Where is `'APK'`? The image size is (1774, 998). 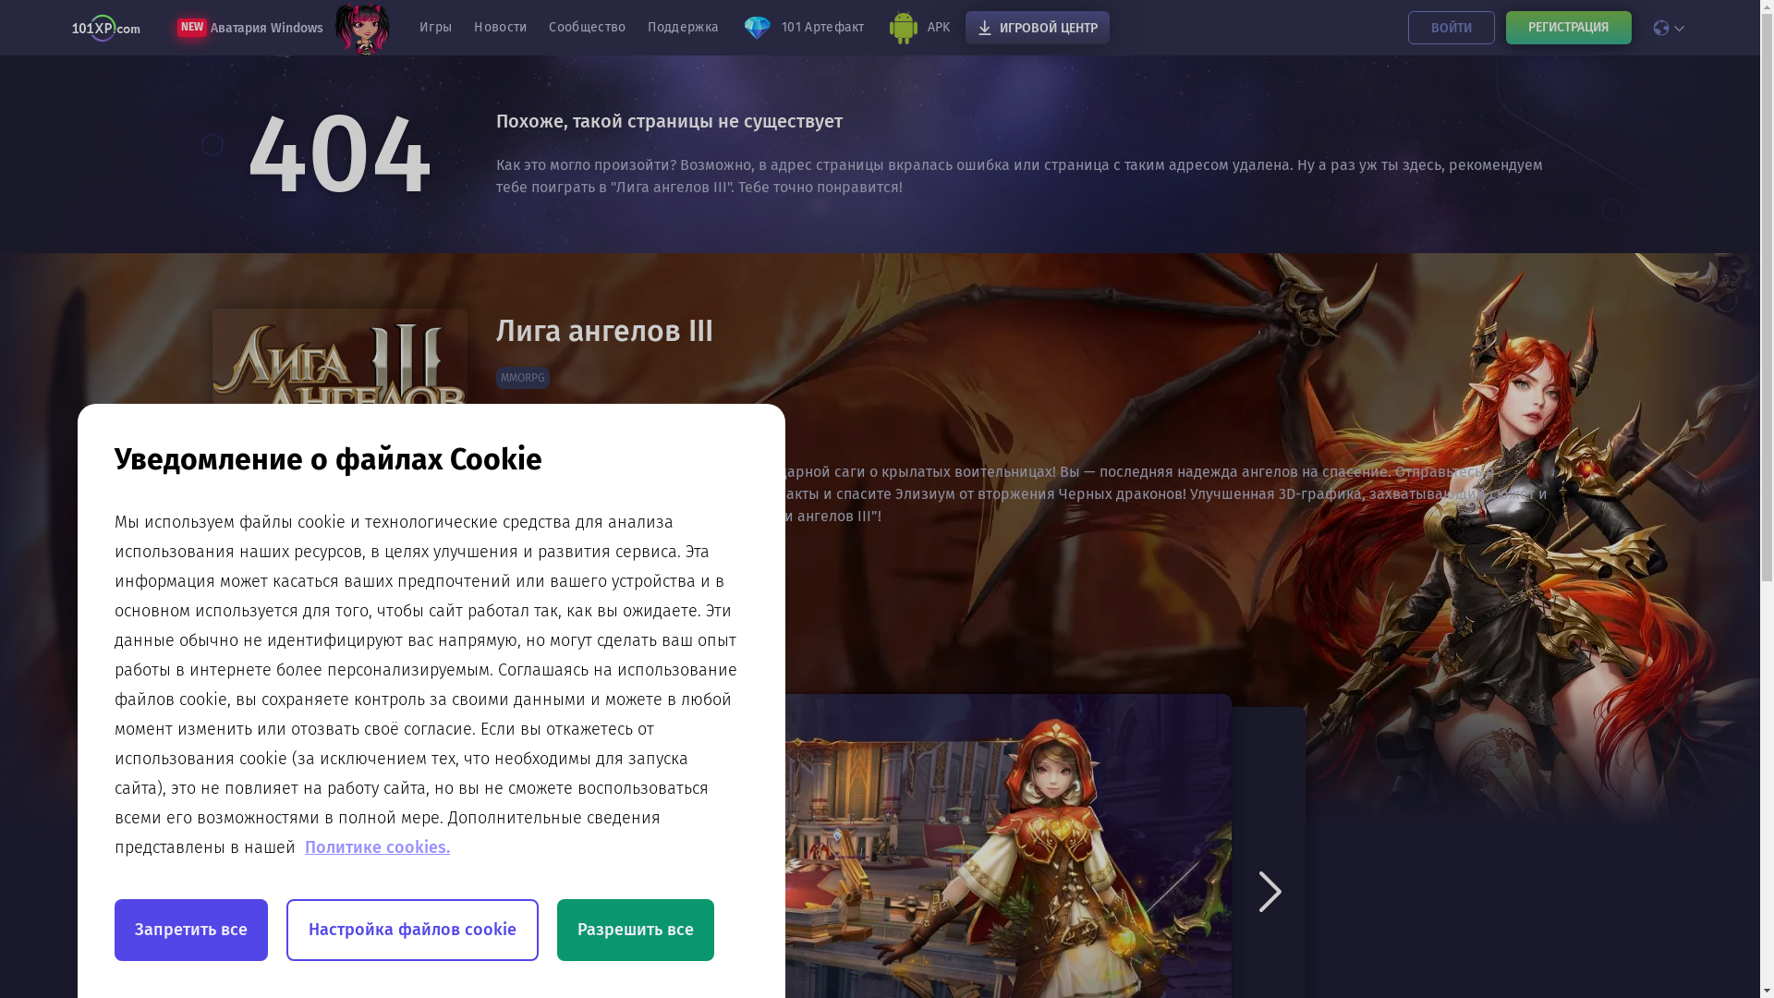
'APK' is located at coordinates (918, 28).